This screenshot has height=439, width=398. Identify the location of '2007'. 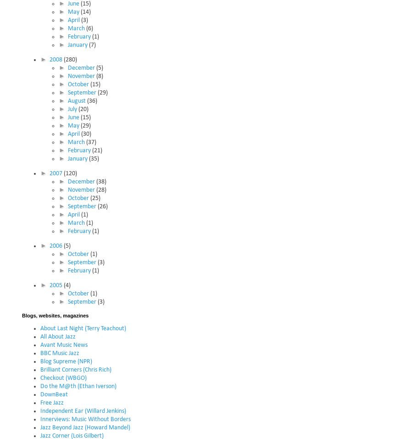
(56, 173).